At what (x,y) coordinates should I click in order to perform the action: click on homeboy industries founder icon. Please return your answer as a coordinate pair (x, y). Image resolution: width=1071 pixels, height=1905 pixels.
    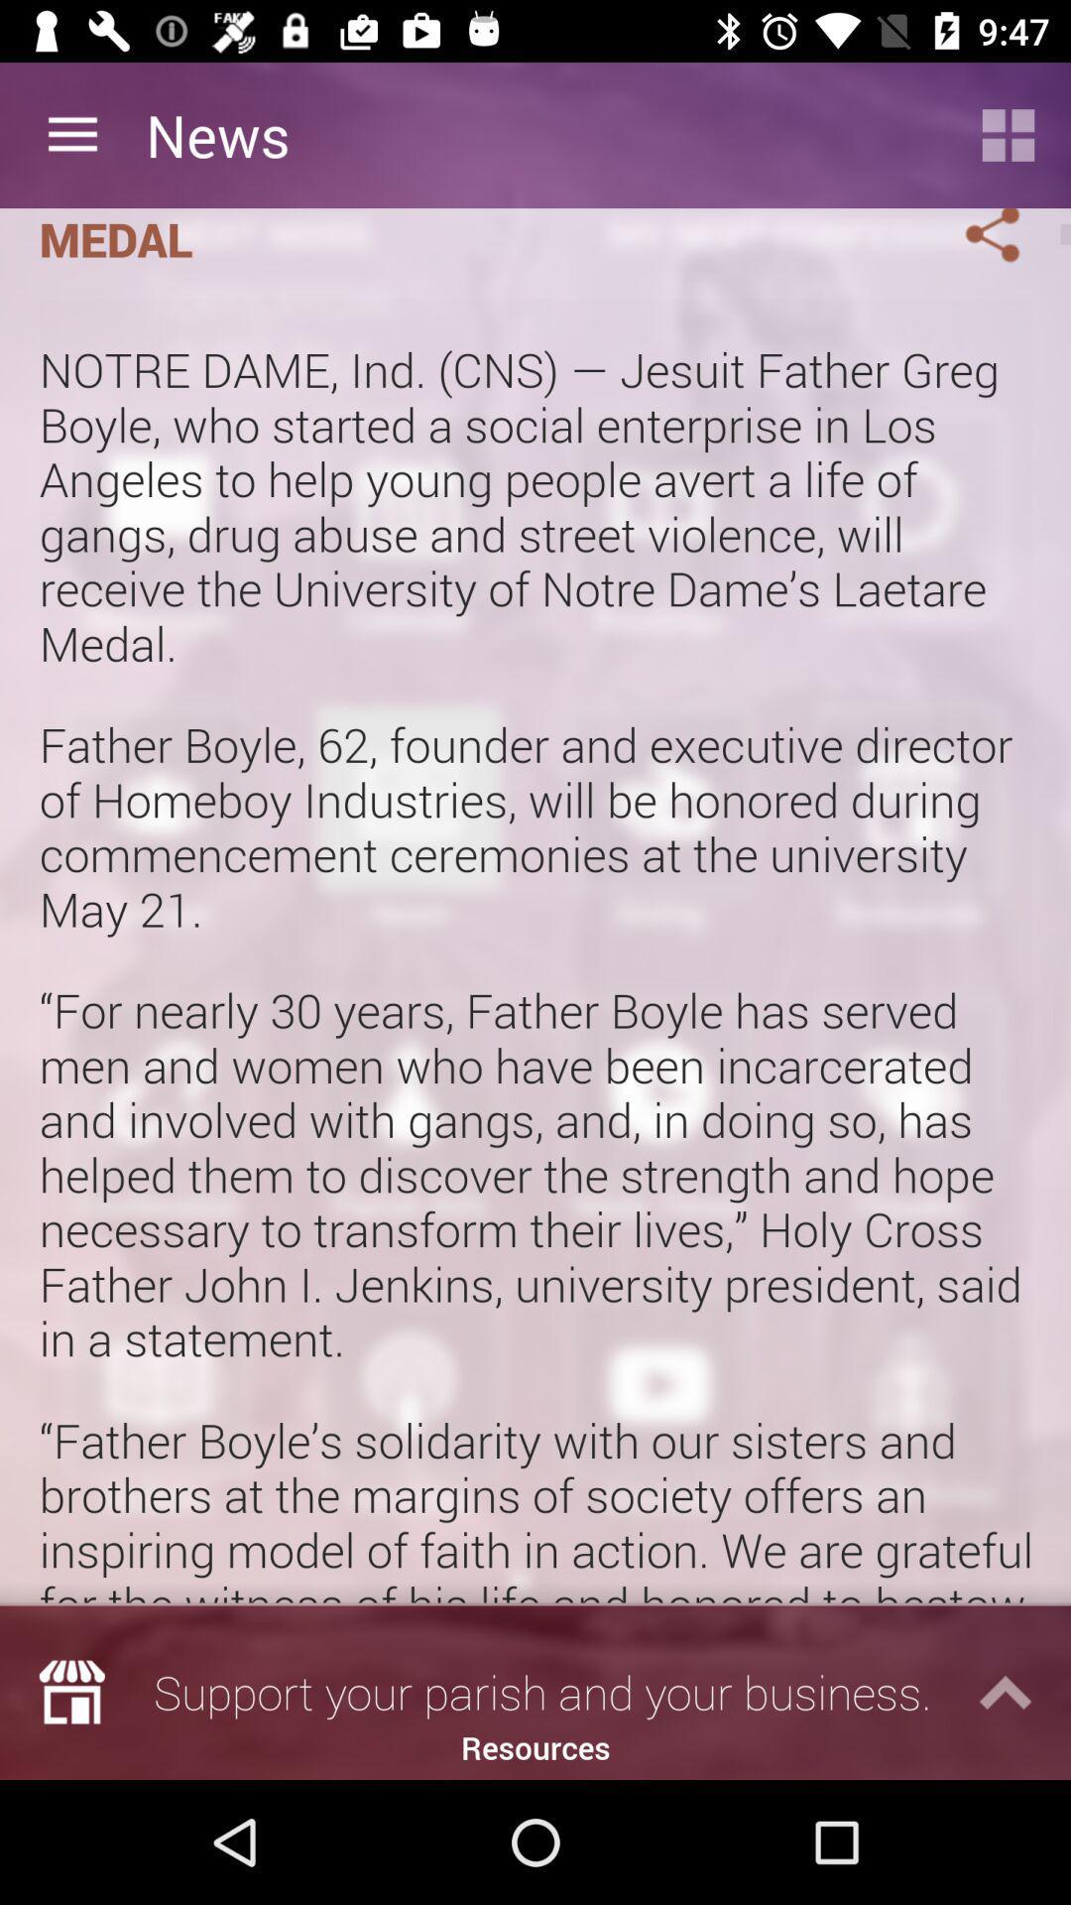
    Looking at the image, I should click on (473, 239).